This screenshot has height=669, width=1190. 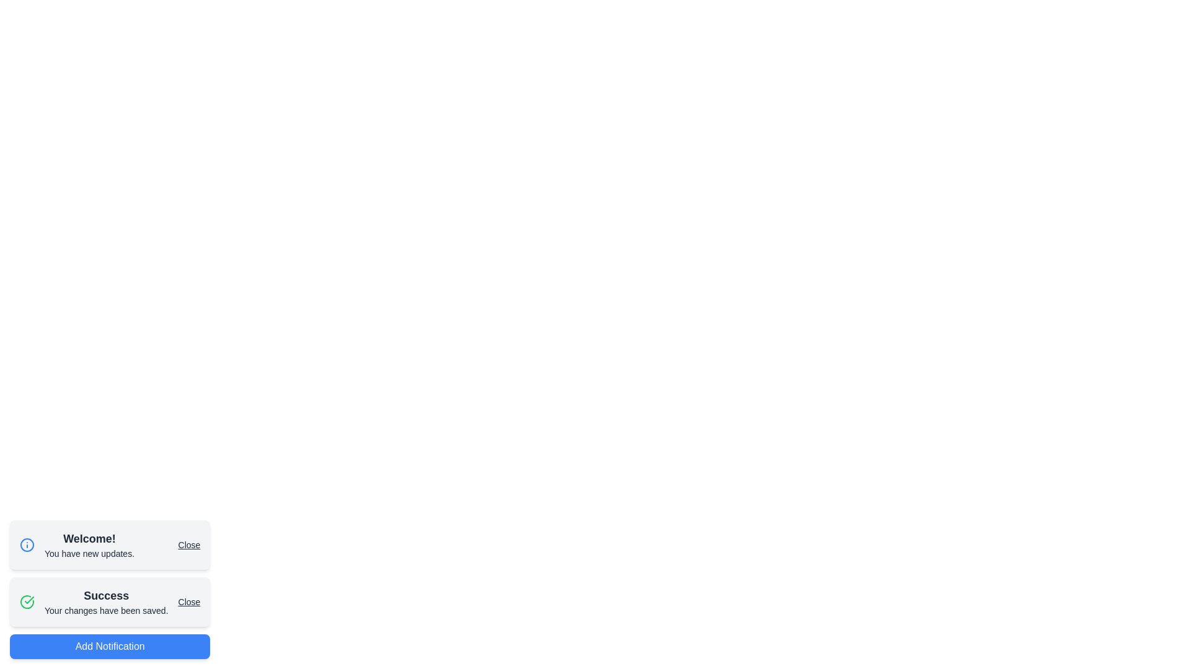 I want to click on the confirmation message displayed in the text block located in the second notification card below the 'Welcome!' card, so click(x=106, y=601).